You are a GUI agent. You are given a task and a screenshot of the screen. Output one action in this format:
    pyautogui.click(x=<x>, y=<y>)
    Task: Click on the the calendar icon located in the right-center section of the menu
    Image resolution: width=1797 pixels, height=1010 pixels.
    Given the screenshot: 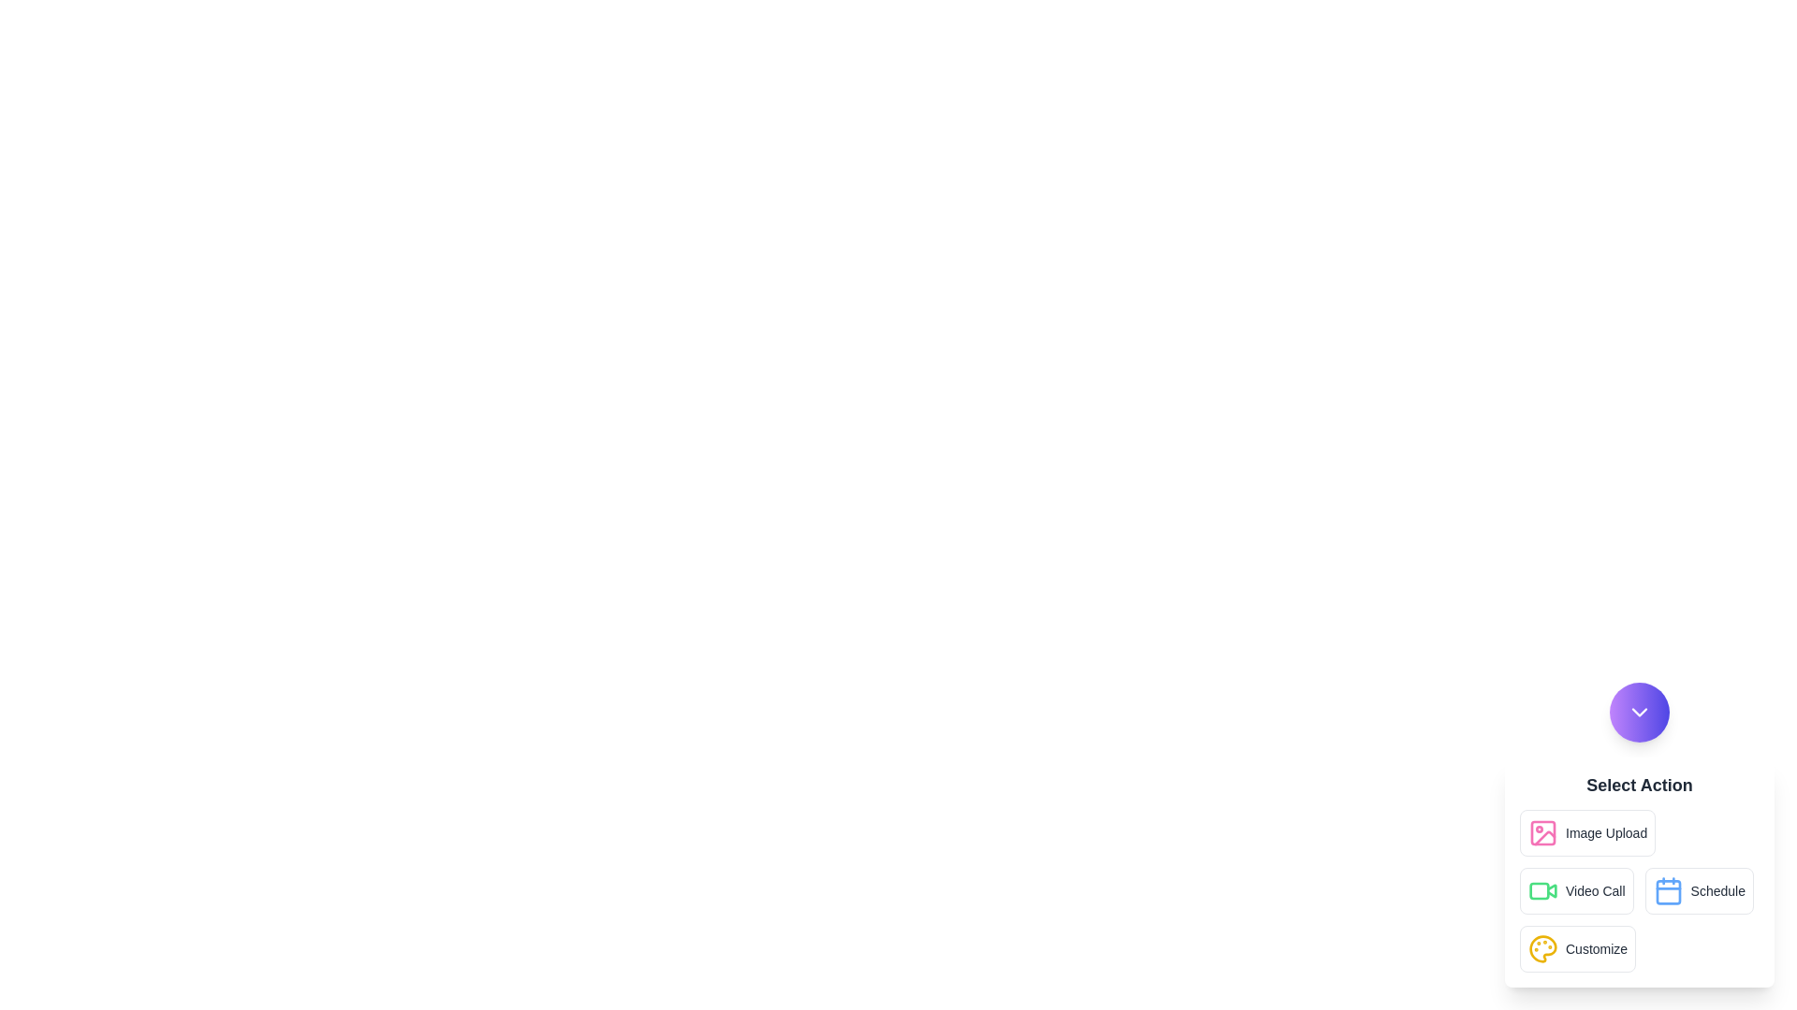 What is the action you would take?
    pyautogui.click(x=1668, y=891)
    